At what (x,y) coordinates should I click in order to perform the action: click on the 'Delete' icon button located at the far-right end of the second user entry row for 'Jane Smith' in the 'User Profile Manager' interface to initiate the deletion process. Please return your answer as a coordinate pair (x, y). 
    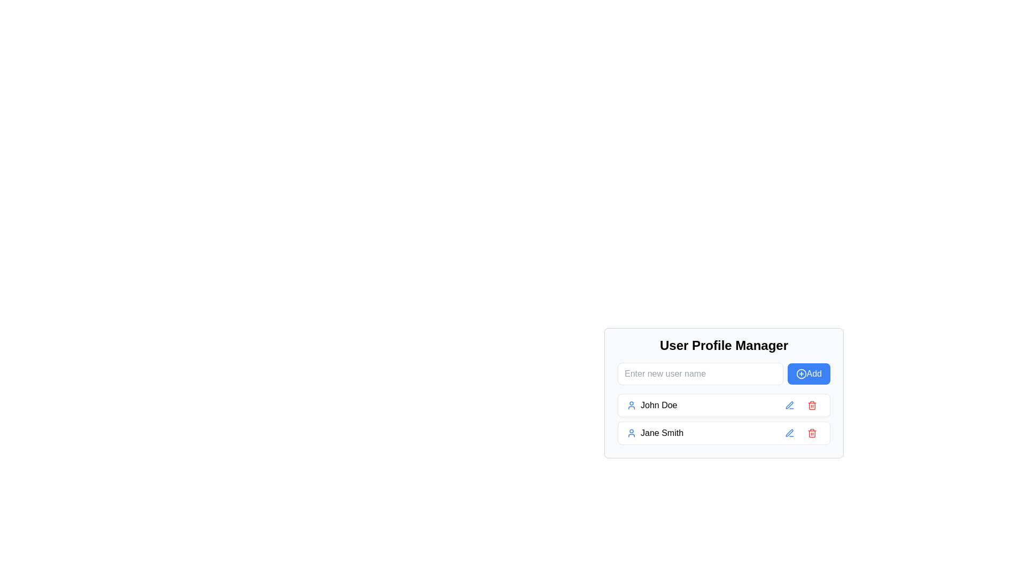
    Looking at the image, I should click on (812, 433).